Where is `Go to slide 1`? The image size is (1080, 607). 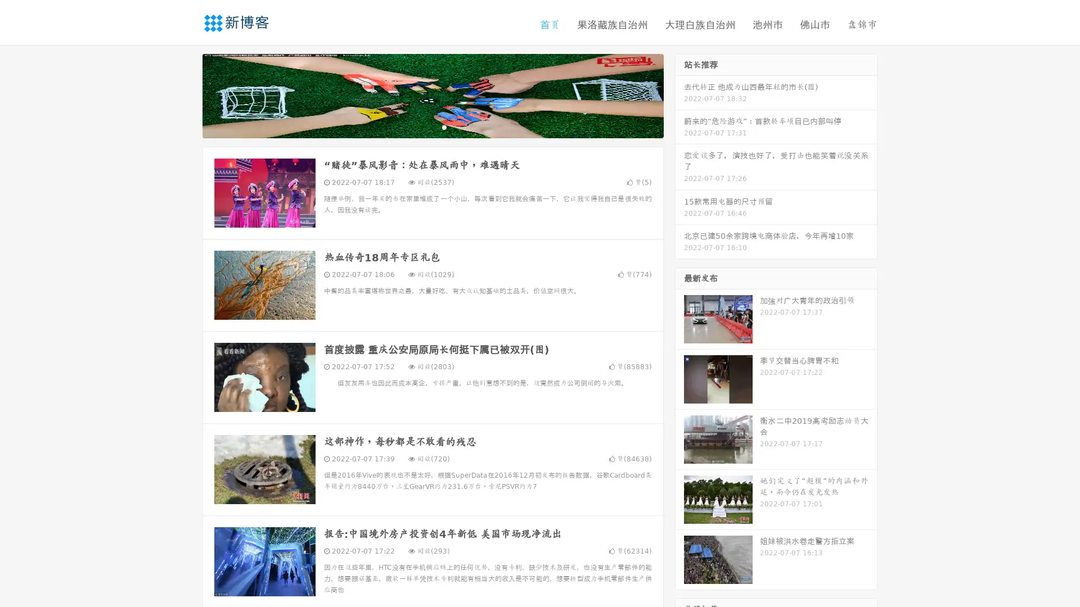
Go to slide 1 is located at coordinates (421, 126).